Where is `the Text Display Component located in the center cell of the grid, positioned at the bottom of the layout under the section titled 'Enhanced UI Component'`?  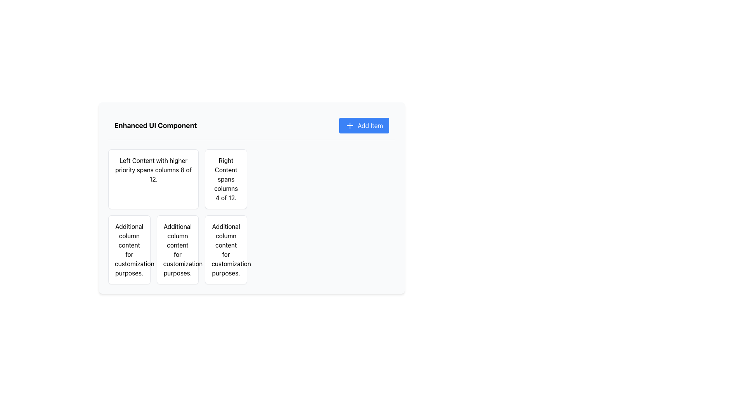 the Text Display Component located in the center cell of the grid, positioned at the bottom of the layout under the section titled 'Enhanced UI Component' is located at coordinates (177, 250).